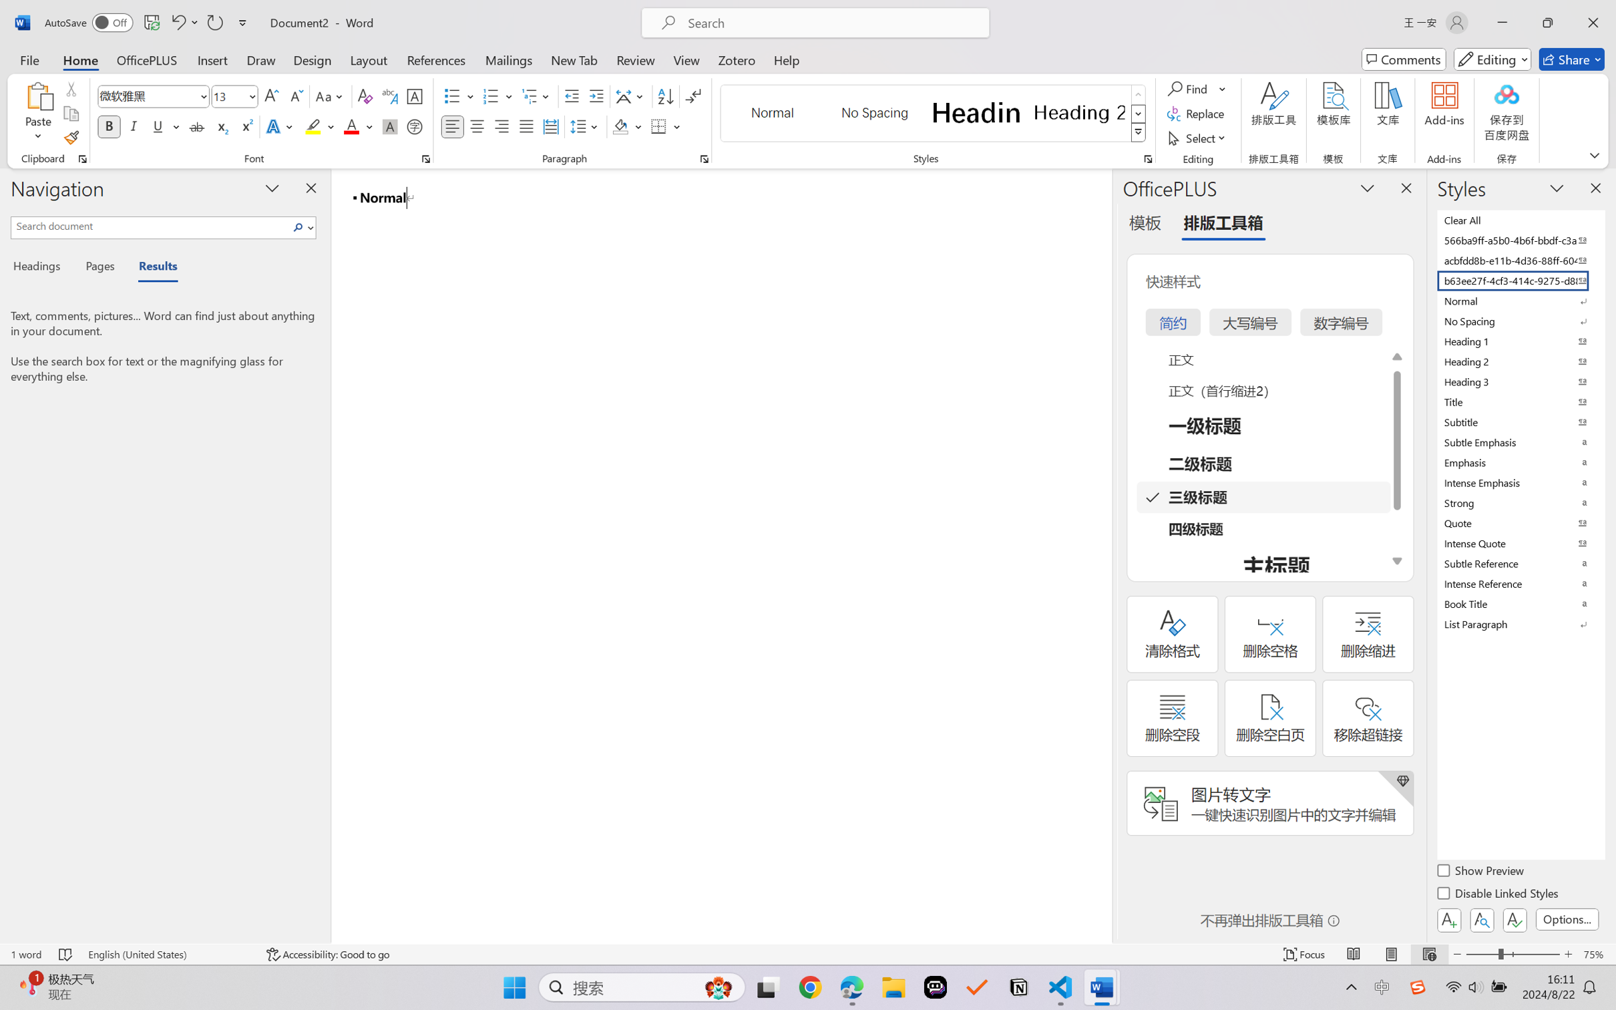 Image resolution: width=1616 pixels, height=1010 pixels. What do you see at coordinates (242, 22) in the screenshot?
I see `'Customize Quick Access Toolbar'` at bounding box center [242, 22].